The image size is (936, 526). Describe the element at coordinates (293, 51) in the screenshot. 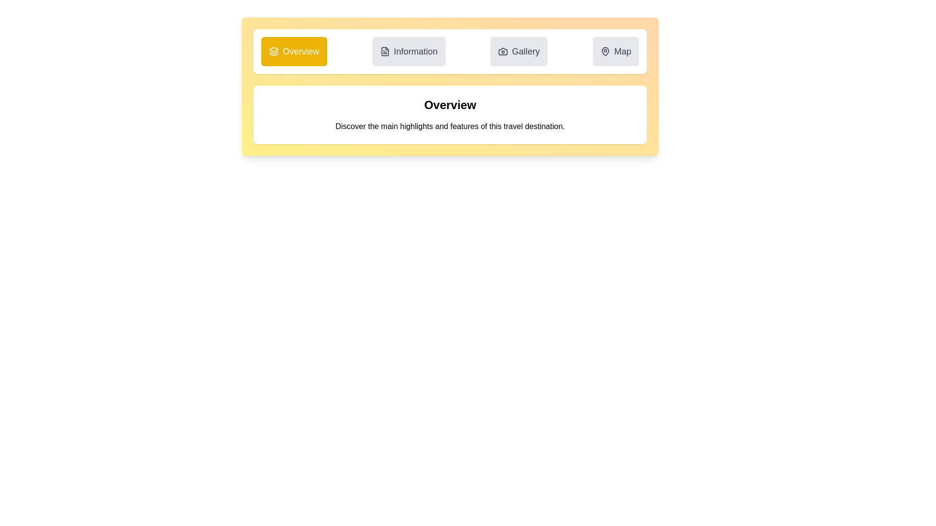

I see `the tab labeled Overview to observe its hover effect` at that location.